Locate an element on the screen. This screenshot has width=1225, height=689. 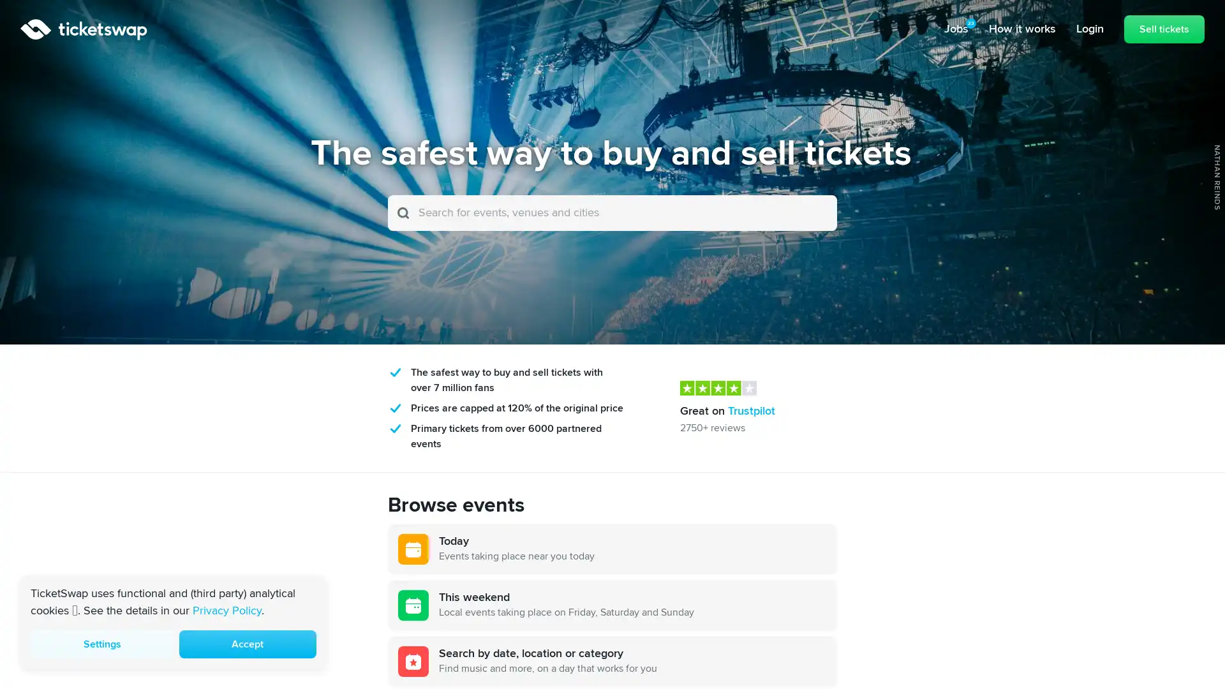
Login is located at coordinates (1089, 29).